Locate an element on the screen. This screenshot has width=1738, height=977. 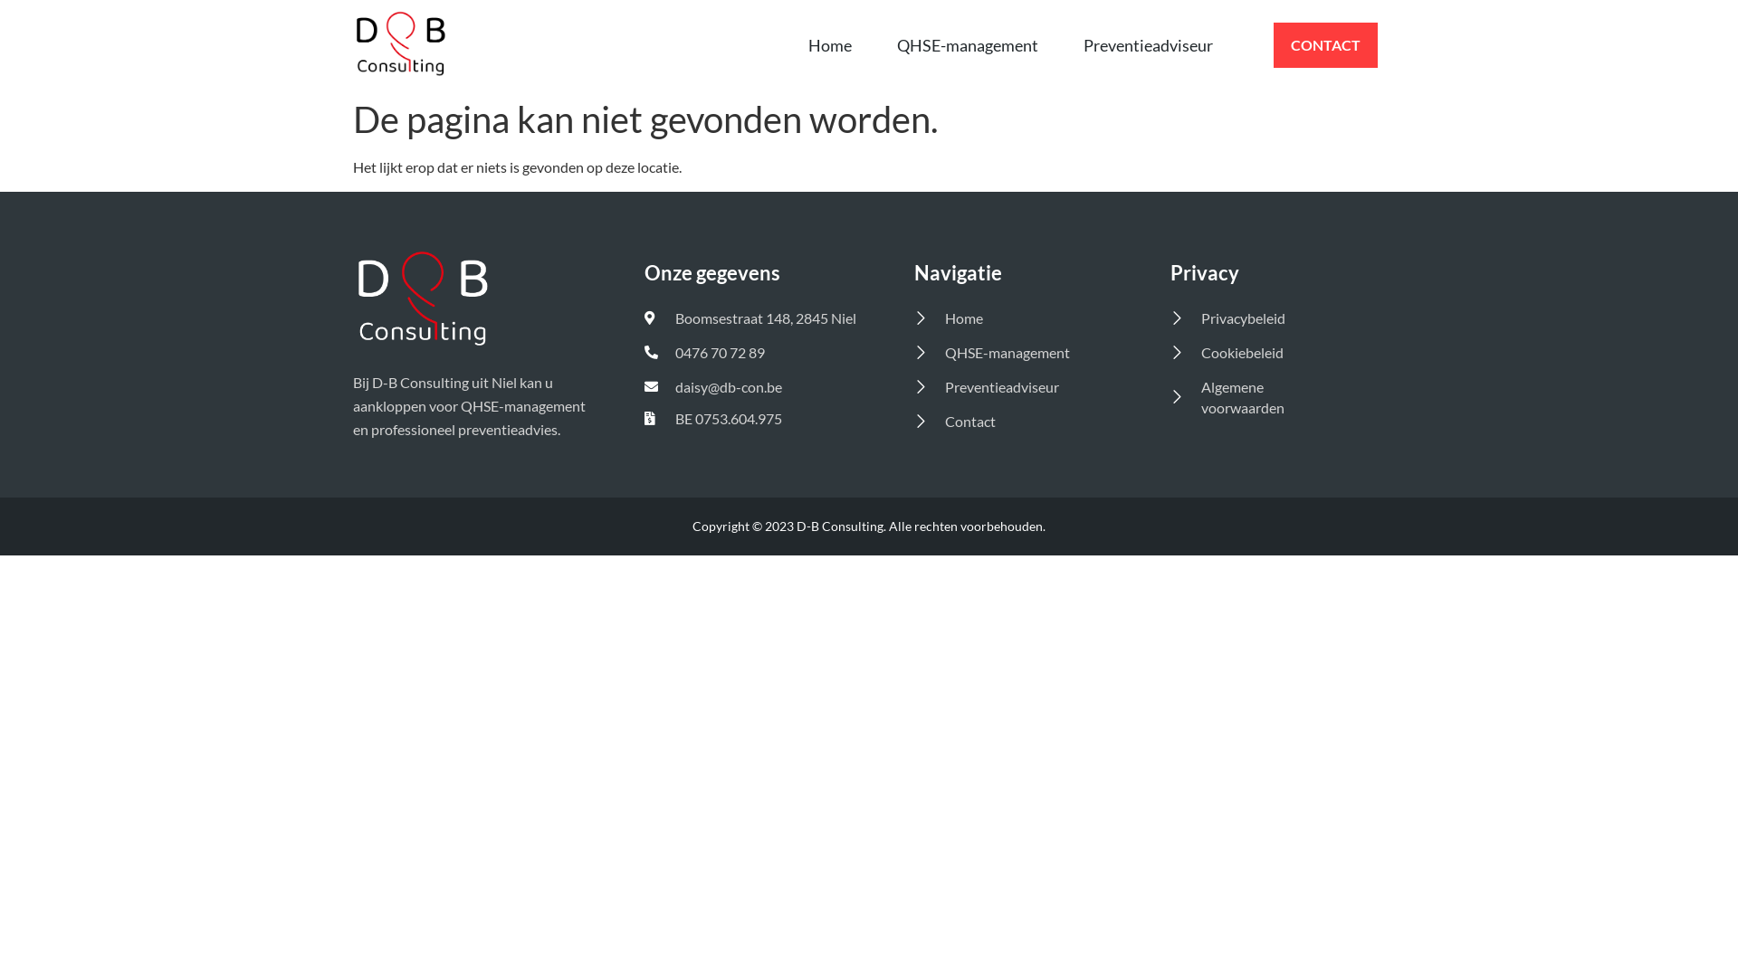
'CONTACT' is located at coordinates (1325, 44).